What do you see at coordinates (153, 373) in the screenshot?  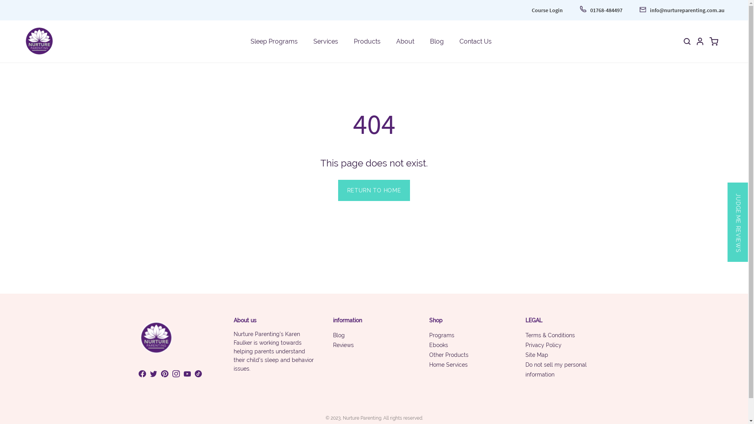 I see `'View Nurture Parenting Shop on Twitter'` at bounding box center [153, 373].